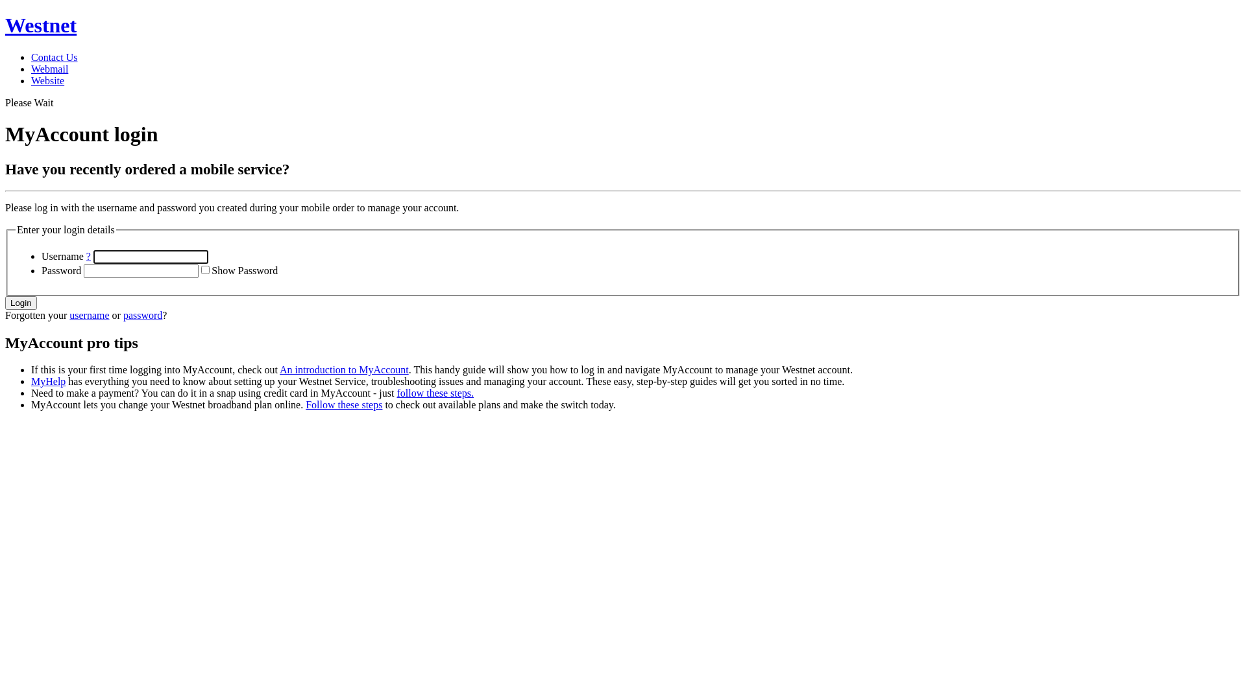  Describe the element at coordinates (88, 256) in the screenshot. I see `'?'` at that location.